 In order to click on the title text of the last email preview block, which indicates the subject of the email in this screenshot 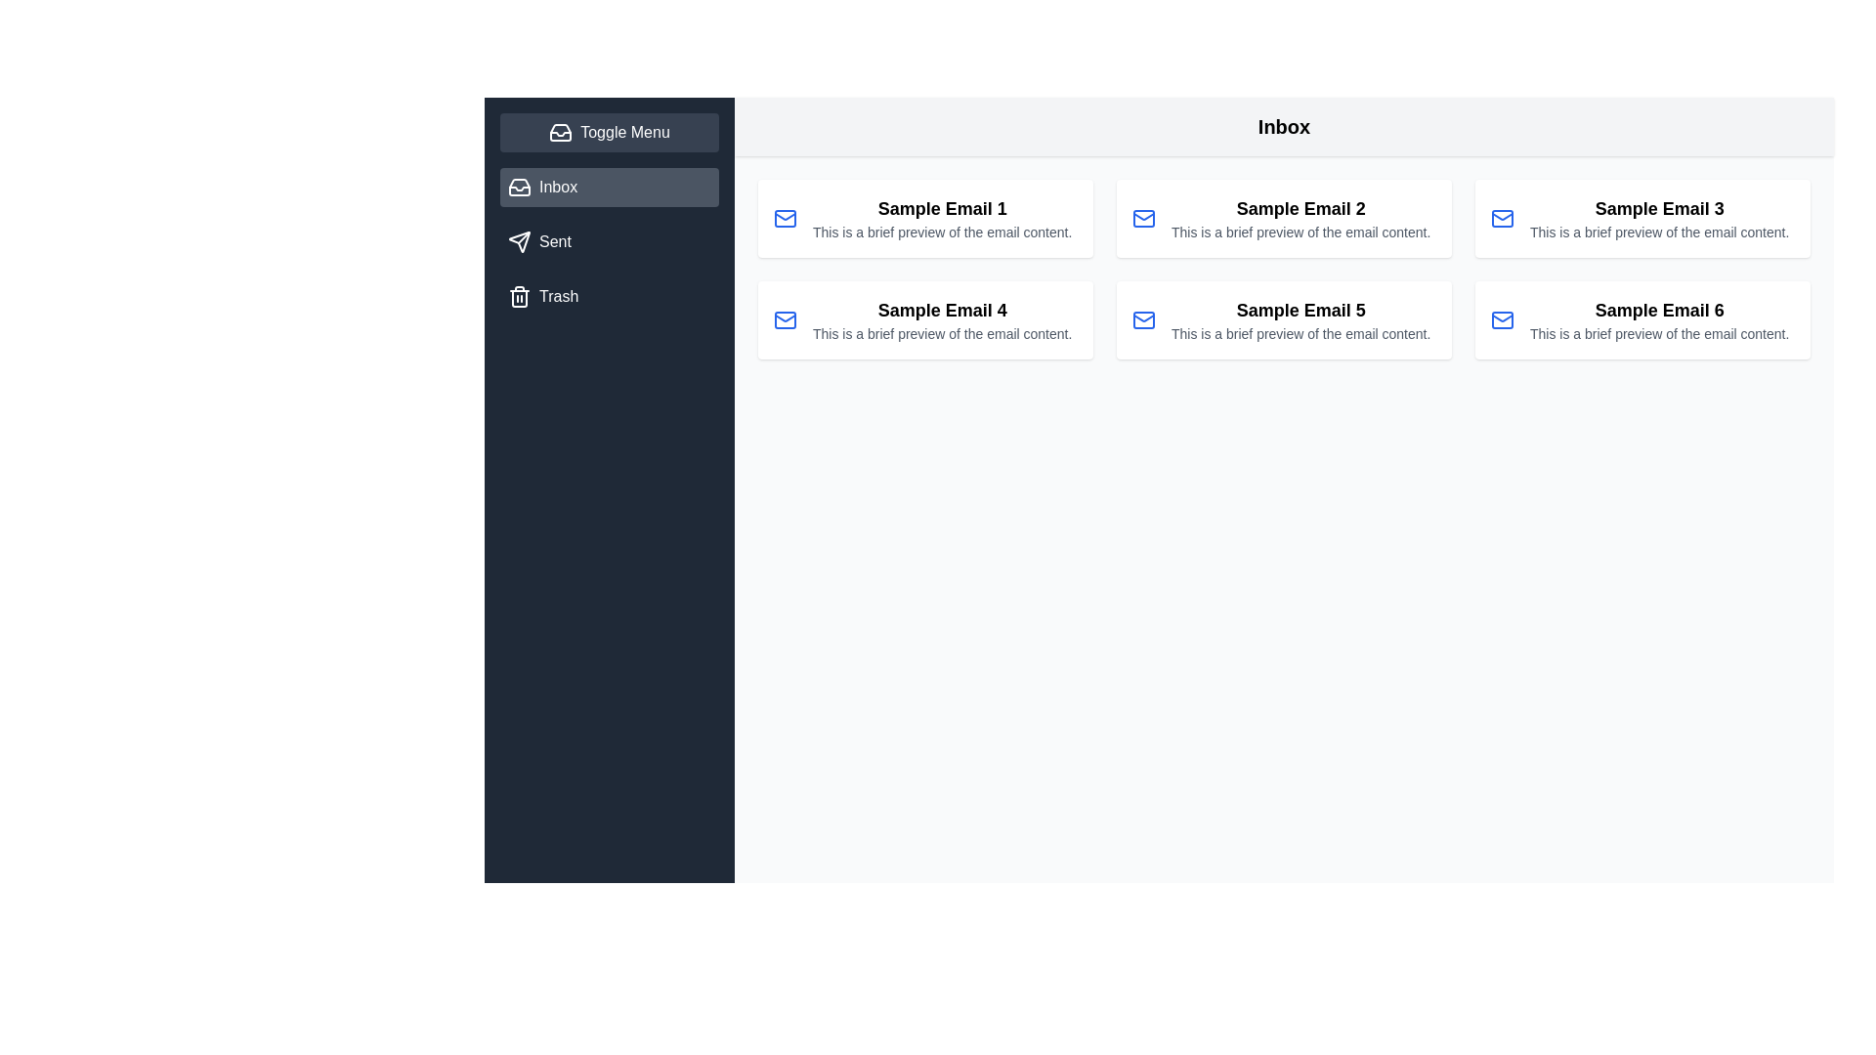, I will do `click(1658, 309)`.